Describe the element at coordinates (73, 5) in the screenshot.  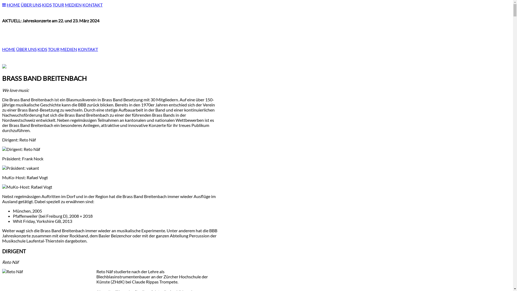
I see `'MEDIEN'` at that location.